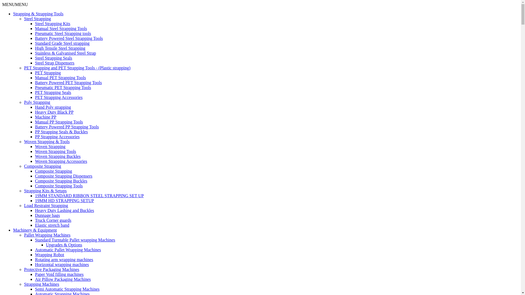 The image size is (525, 295). I want to click on 'Steel Strapping', so click(37, 18).